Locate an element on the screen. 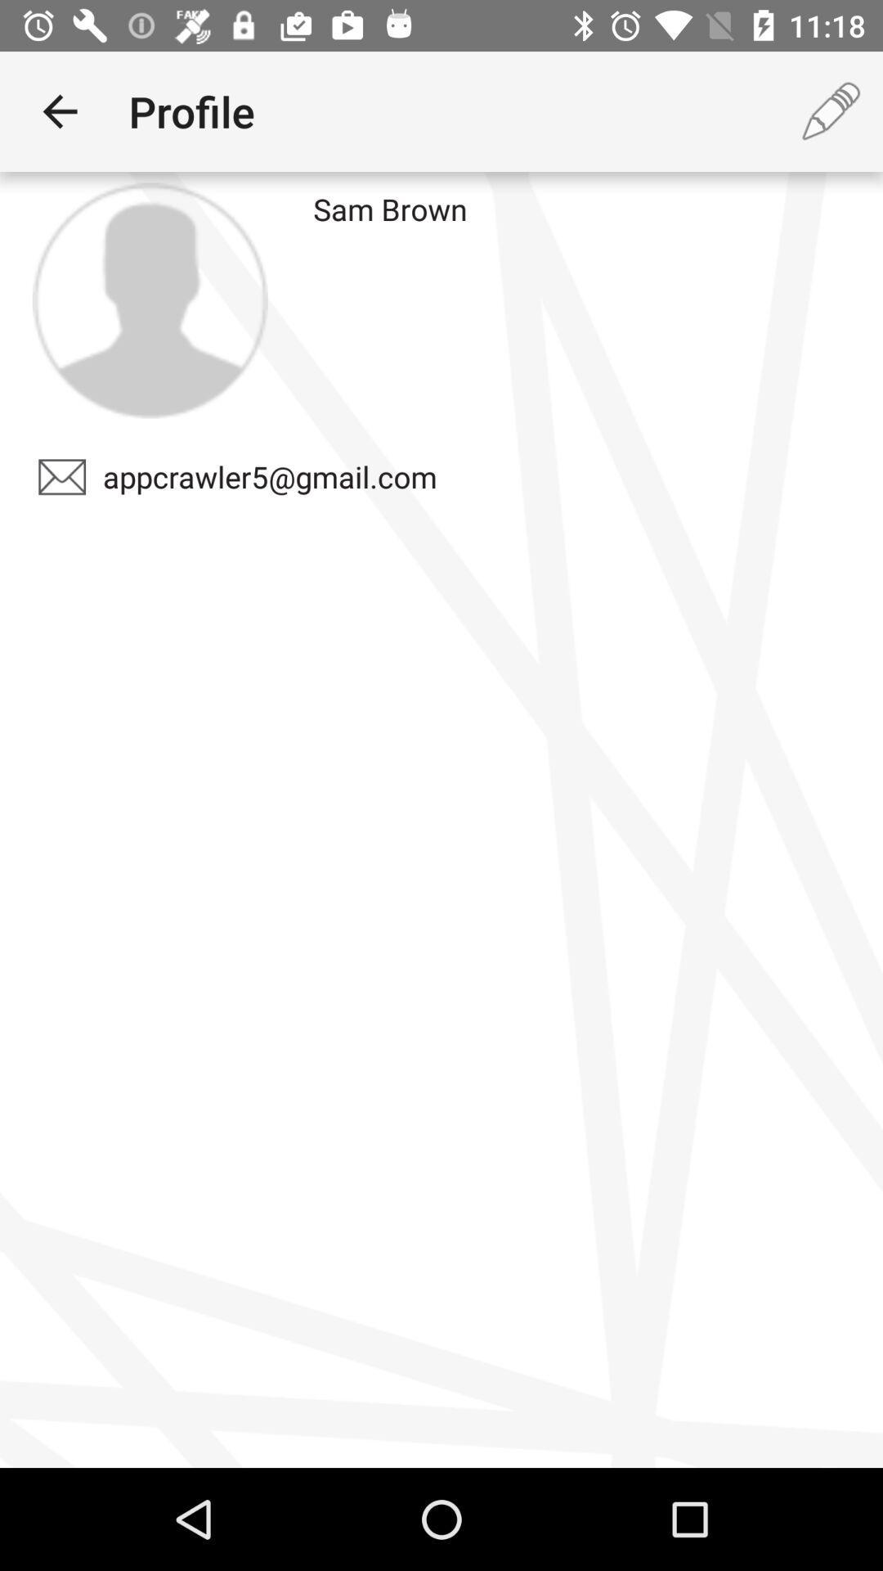  item to the right of the sam brown icon is located at coordinates (831, 110).